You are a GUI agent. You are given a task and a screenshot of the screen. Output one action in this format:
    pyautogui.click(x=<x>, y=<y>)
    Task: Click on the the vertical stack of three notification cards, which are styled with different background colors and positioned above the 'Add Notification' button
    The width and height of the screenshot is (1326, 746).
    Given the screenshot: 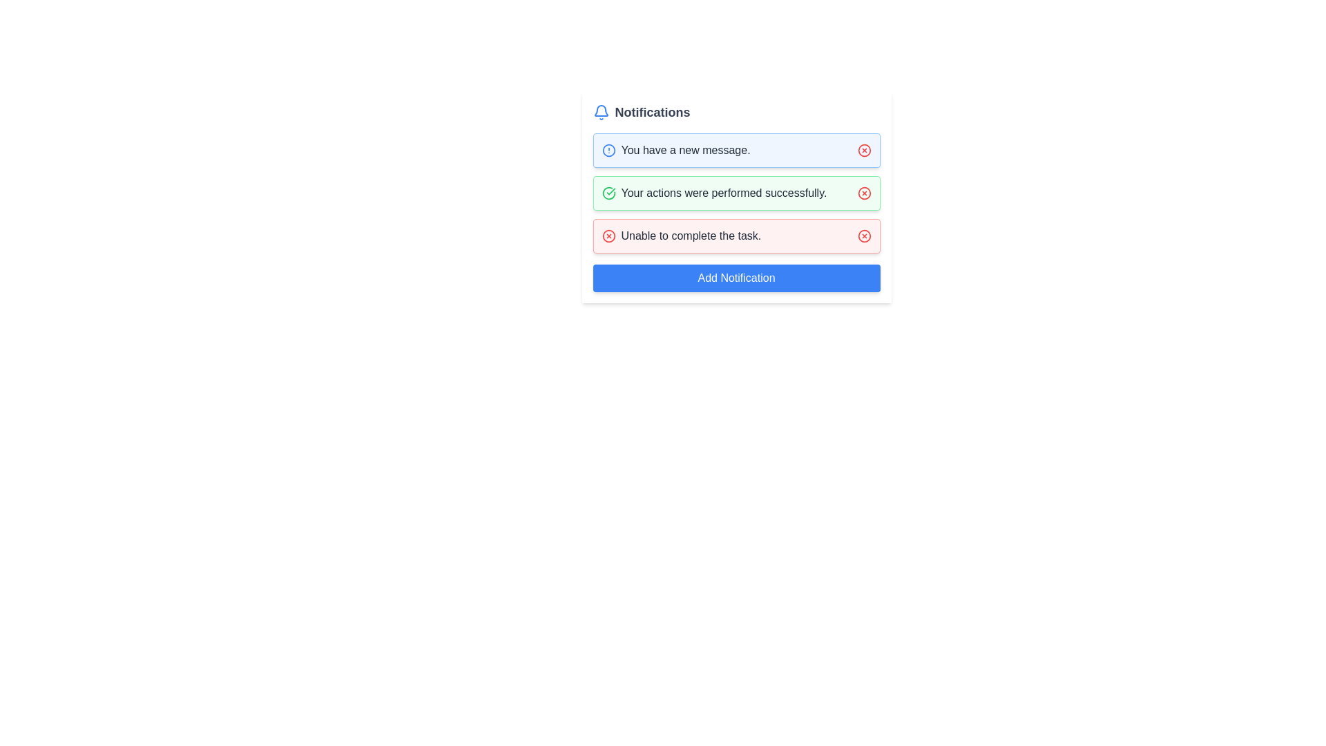 What is the action you would take?
    pyautogui.click(x=736, y=193)
    